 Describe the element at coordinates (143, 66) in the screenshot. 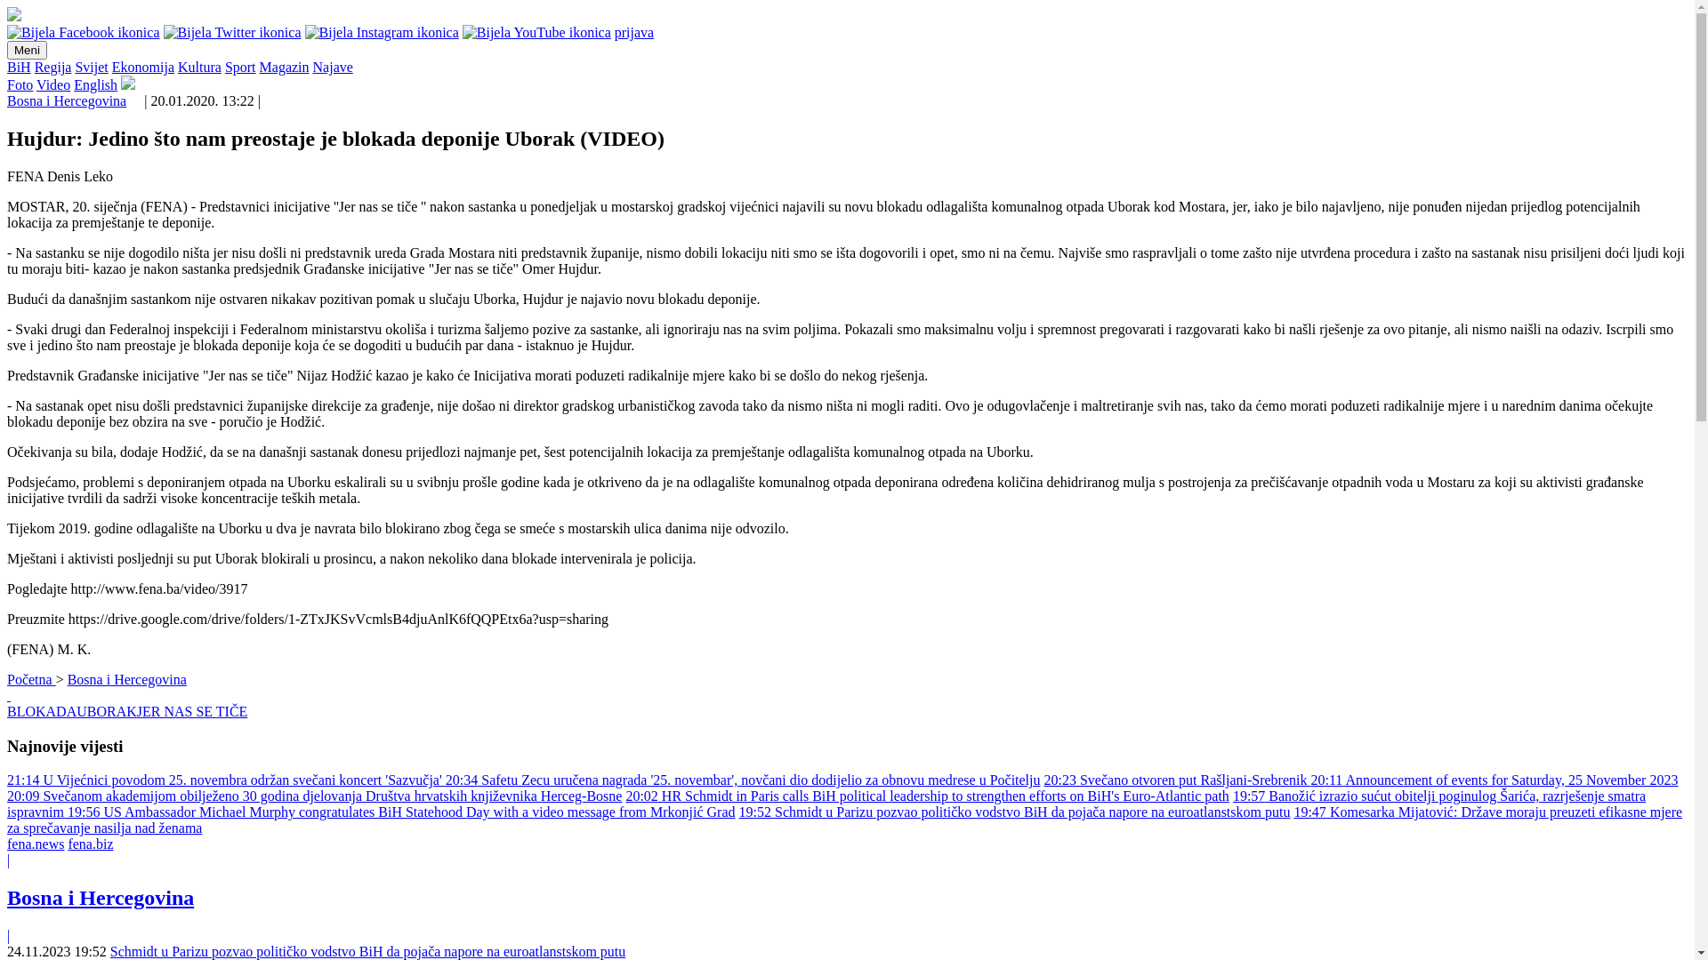

I see `'Ekonomija'` at that location.